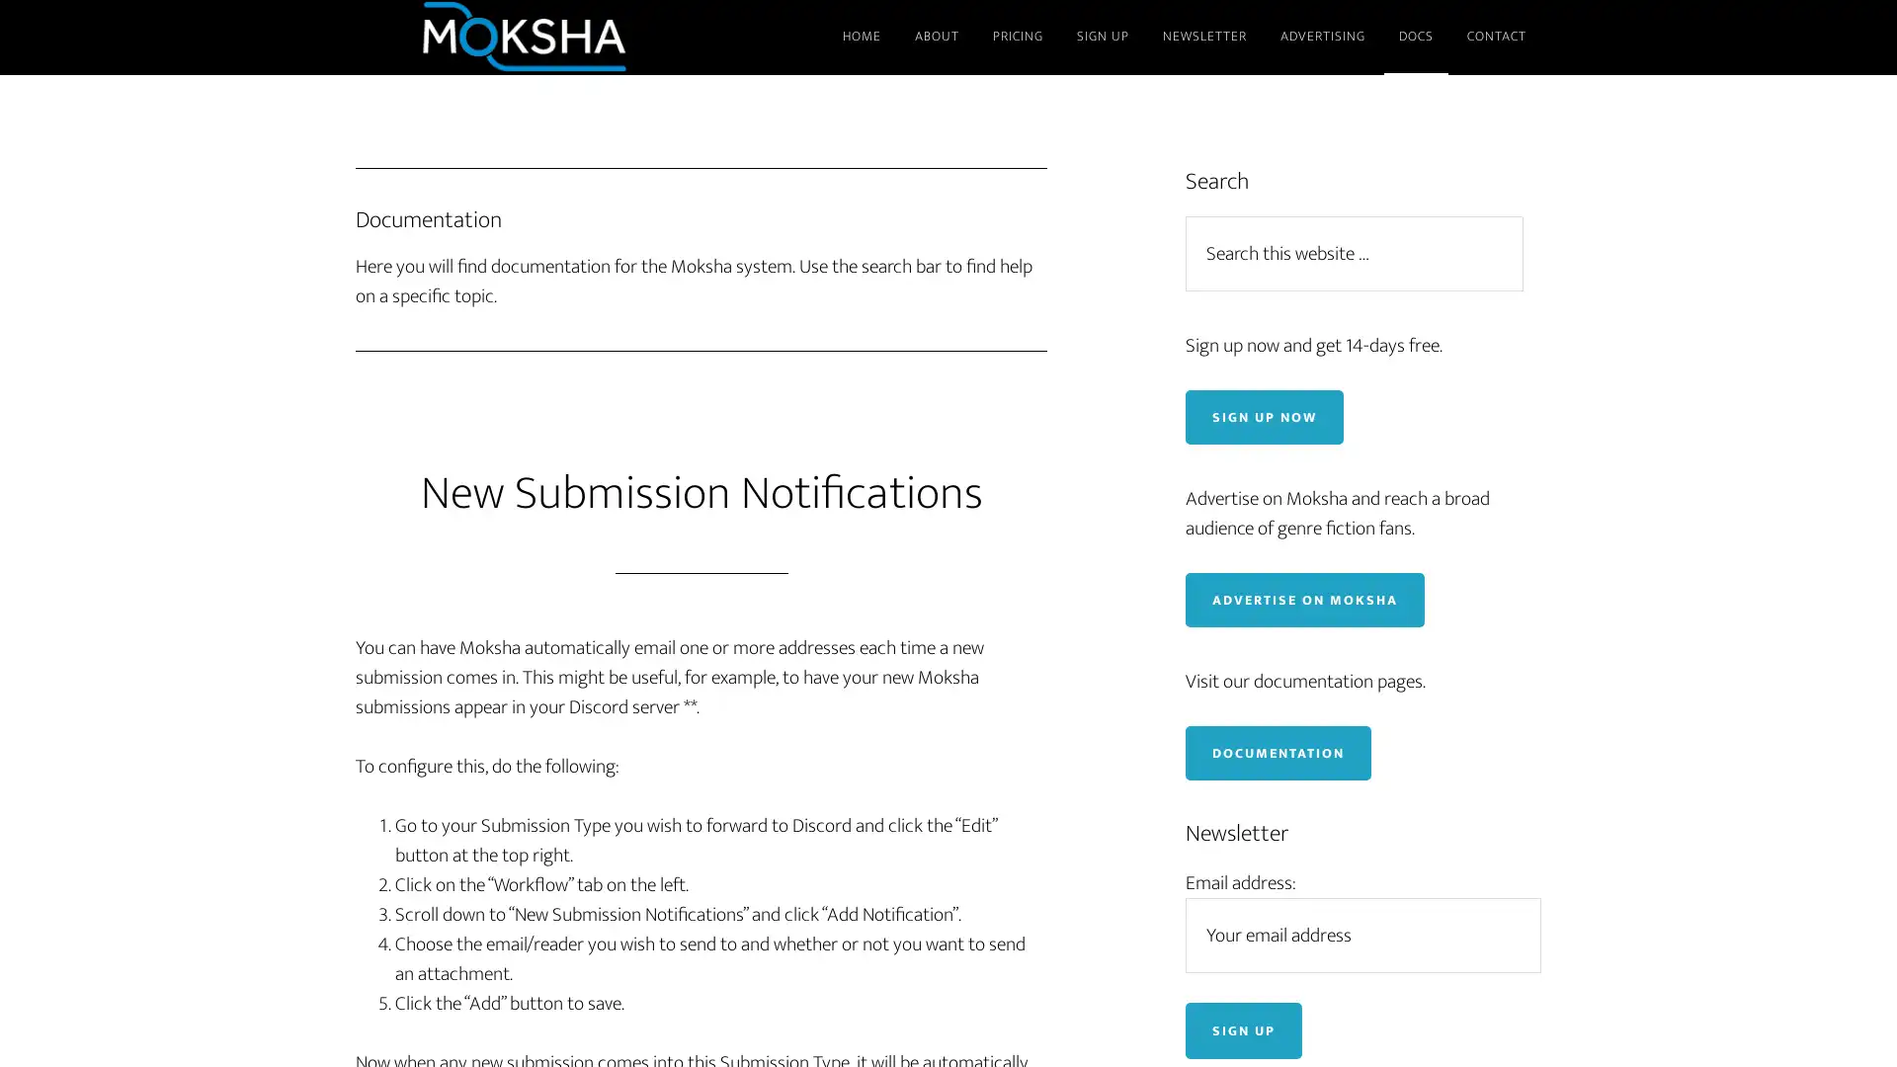 The height and width of the screenshot is (1067, 1897). What do you see at coordinates (1531, 214) in the screenshot?
I see `Search` at bounding box center [1531, 214].